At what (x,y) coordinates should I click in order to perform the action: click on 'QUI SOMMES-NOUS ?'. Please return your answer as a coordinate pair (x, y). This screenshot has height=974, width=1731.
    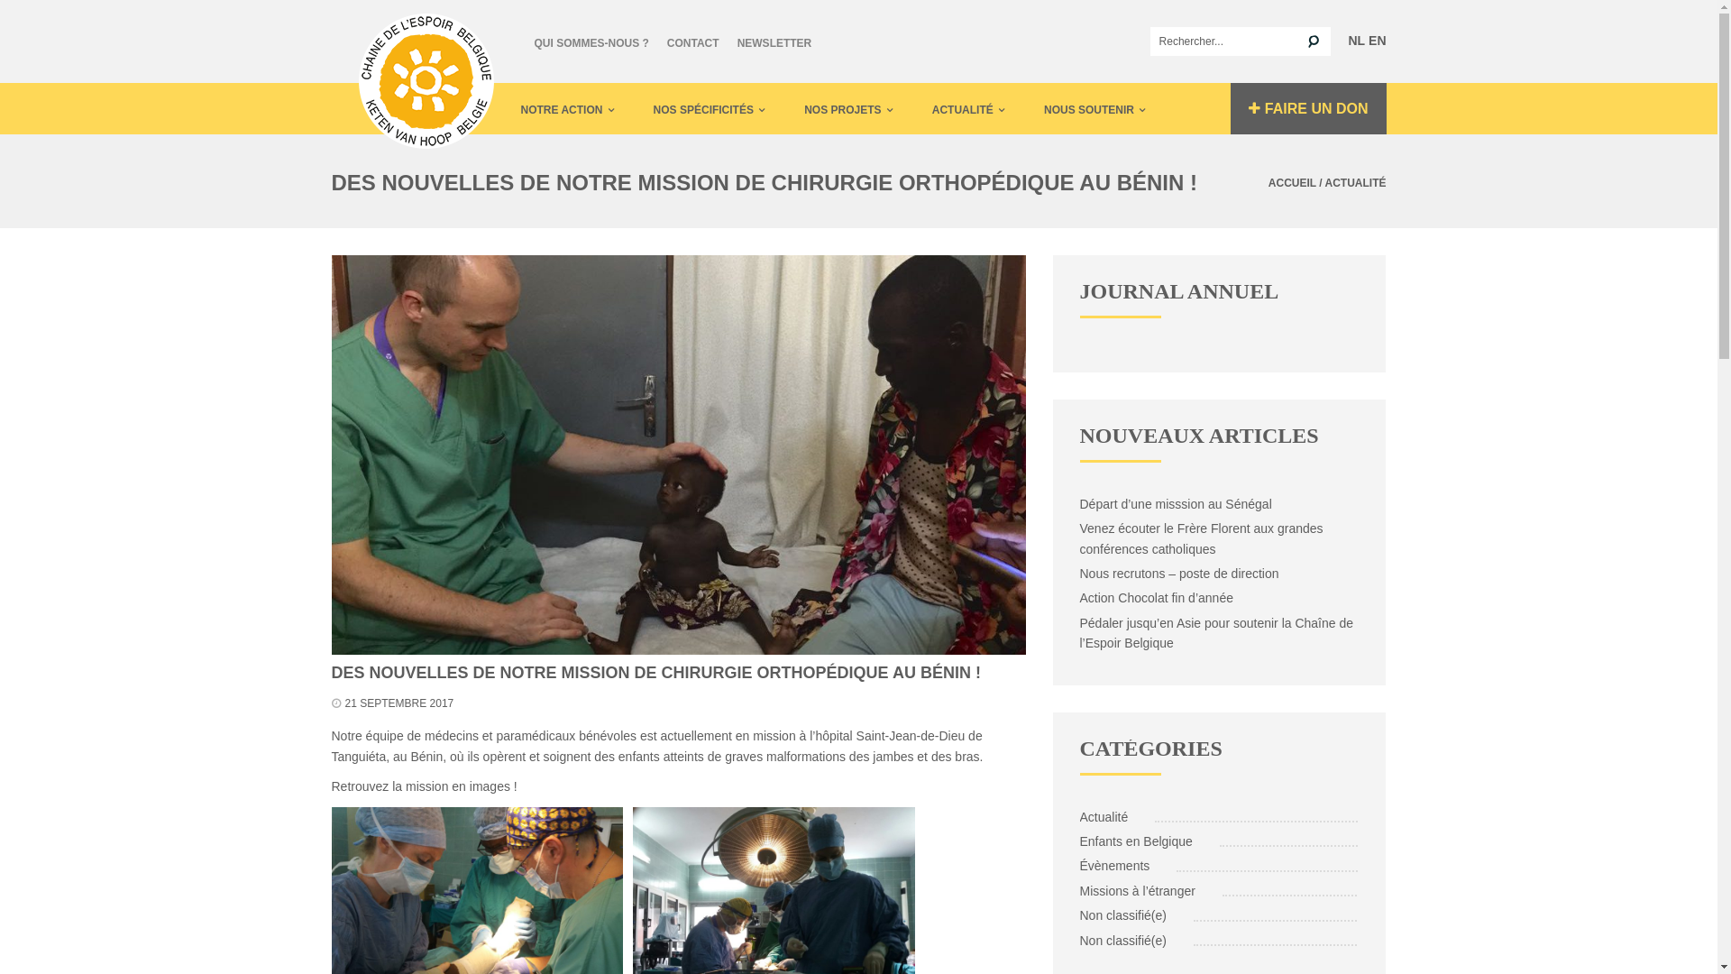
    Looking at the image, I should click on (591, 41).